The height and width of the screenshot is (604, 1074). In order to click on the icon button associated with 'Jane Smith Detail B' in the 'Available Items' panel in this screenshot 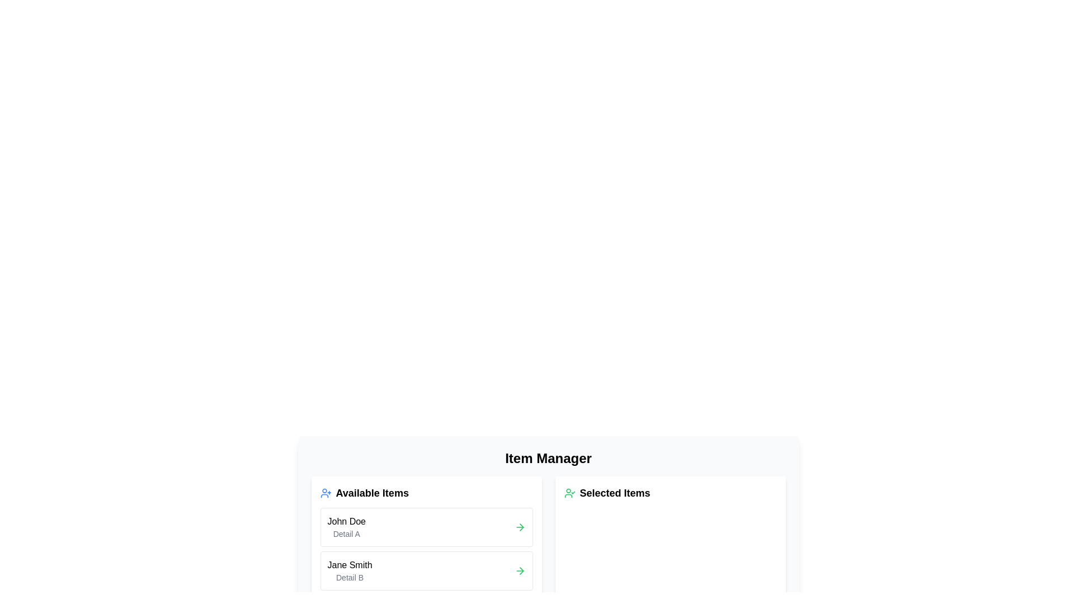, I will do `click(519, 571)`.